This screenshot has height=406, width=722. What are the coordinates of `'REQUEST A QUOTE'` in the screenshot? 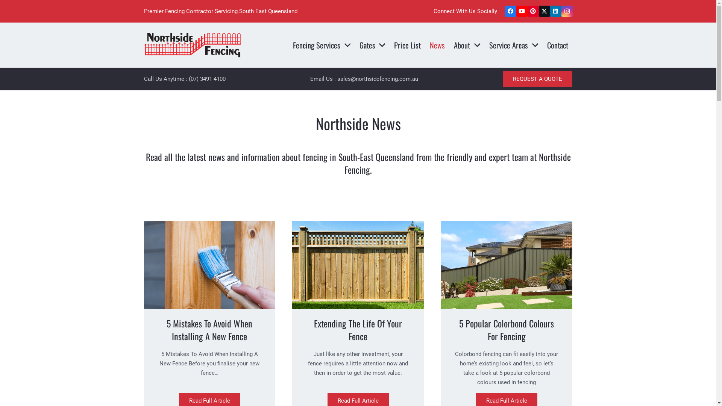 It's located at (537, 79).